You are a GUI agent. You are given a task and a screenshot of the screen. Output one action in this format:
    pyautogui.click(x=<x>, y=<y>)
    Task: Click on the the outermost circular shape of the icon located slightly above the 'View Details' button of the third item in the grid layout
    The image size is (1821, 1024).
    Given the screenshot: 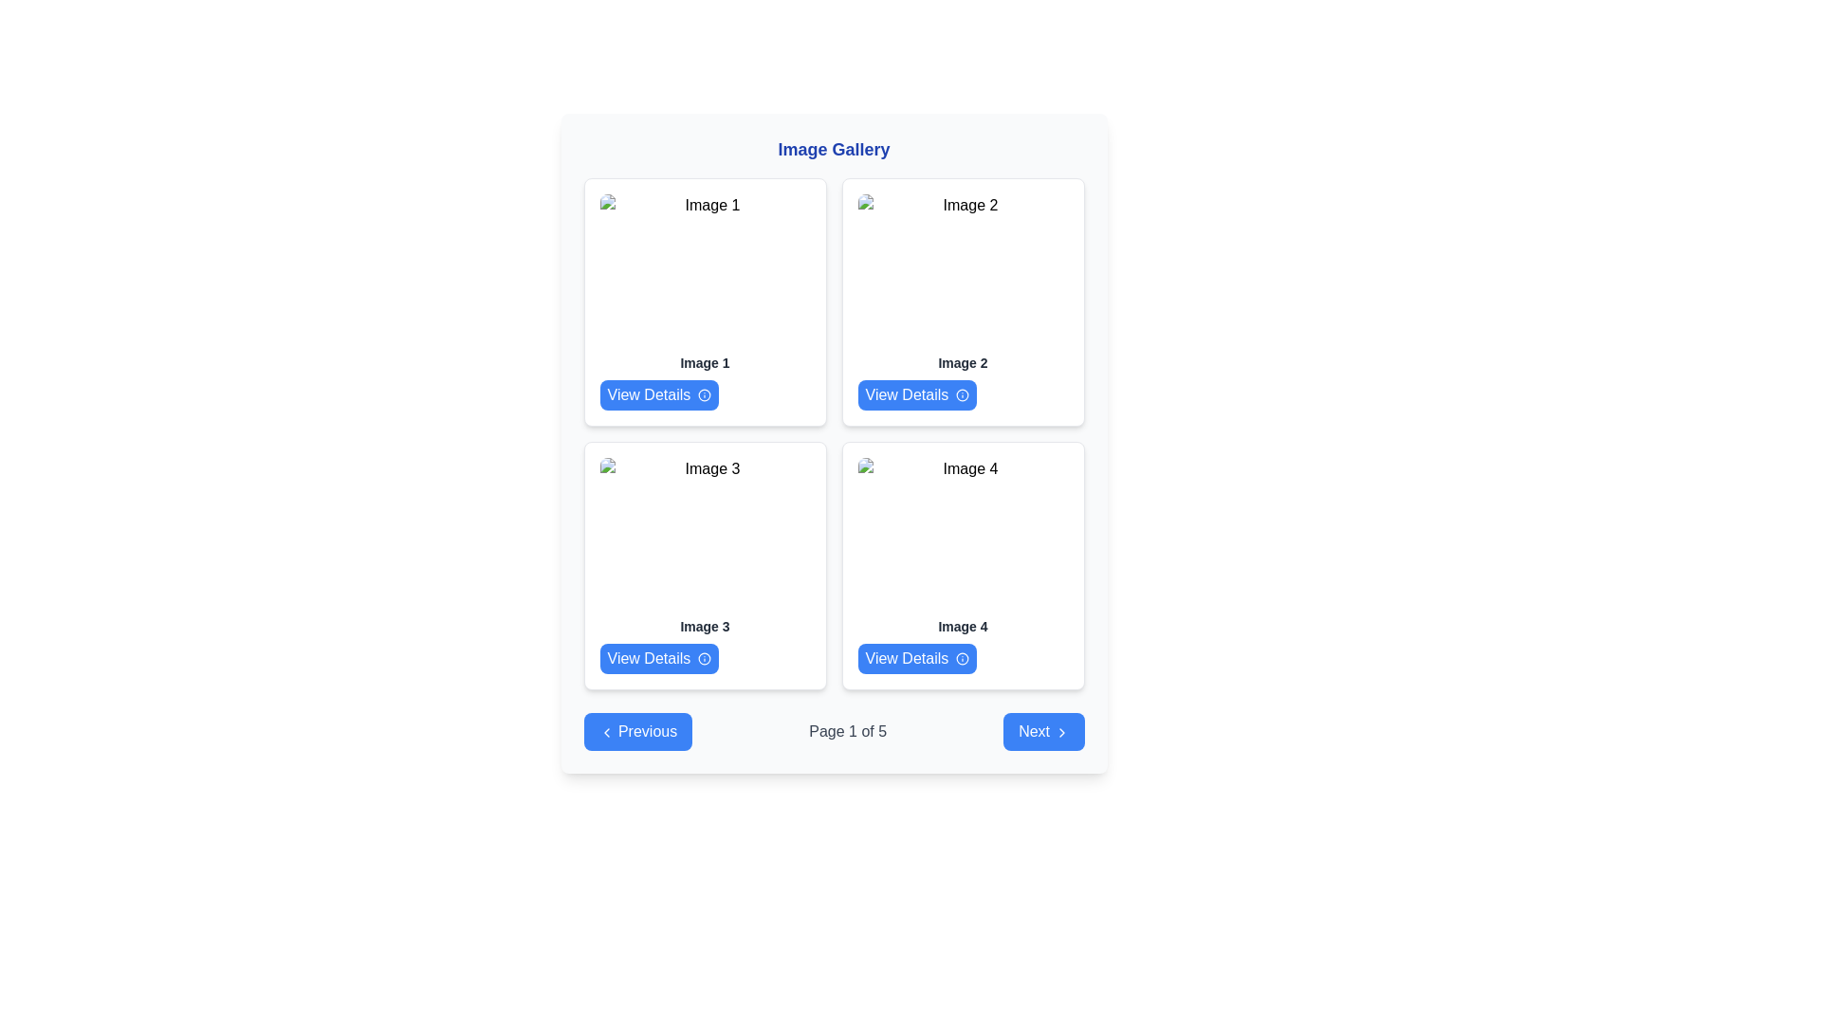 What is the action you would take?
    pyautogui.click(x=704, y=657)
    